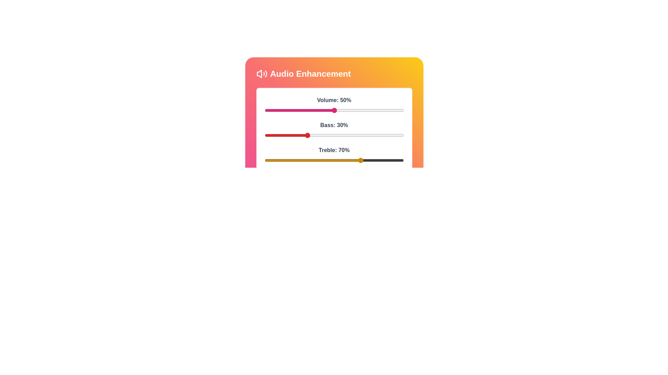  Describe the element at coordinates (380, 110) in the screenshot. I see `the volume` at that location.